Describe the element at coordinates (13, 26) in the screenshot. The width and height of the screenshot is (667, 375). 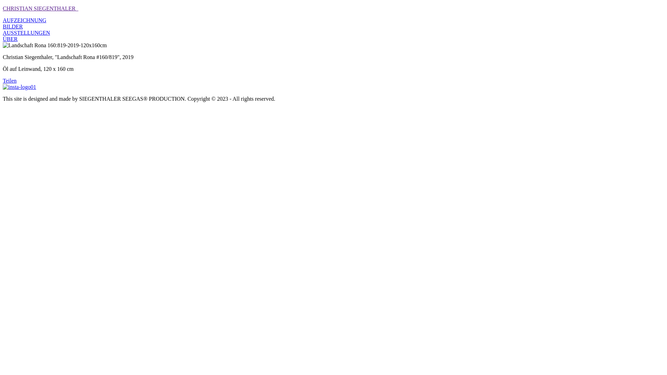
I see `'BILDER'` at that location.